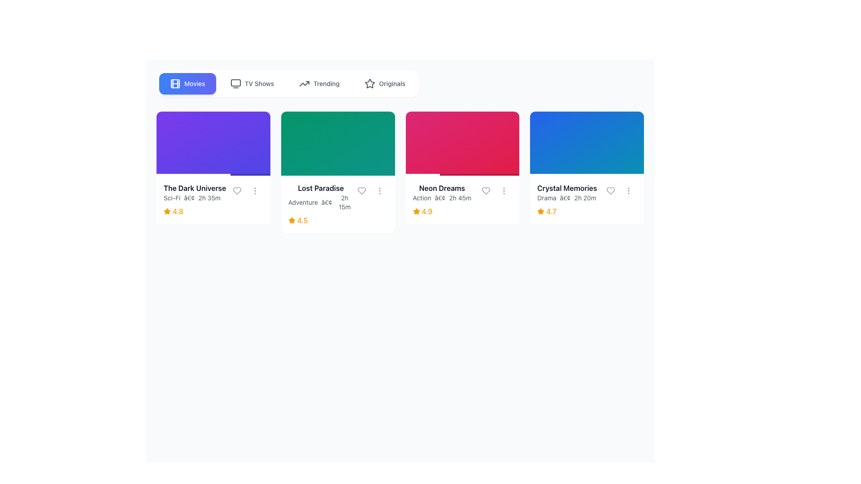  I want to click on the heart-shaped interactive button with an SVG icon located at the top-right corner of the 'Lost Paradise' movie card, so click(361, 190).